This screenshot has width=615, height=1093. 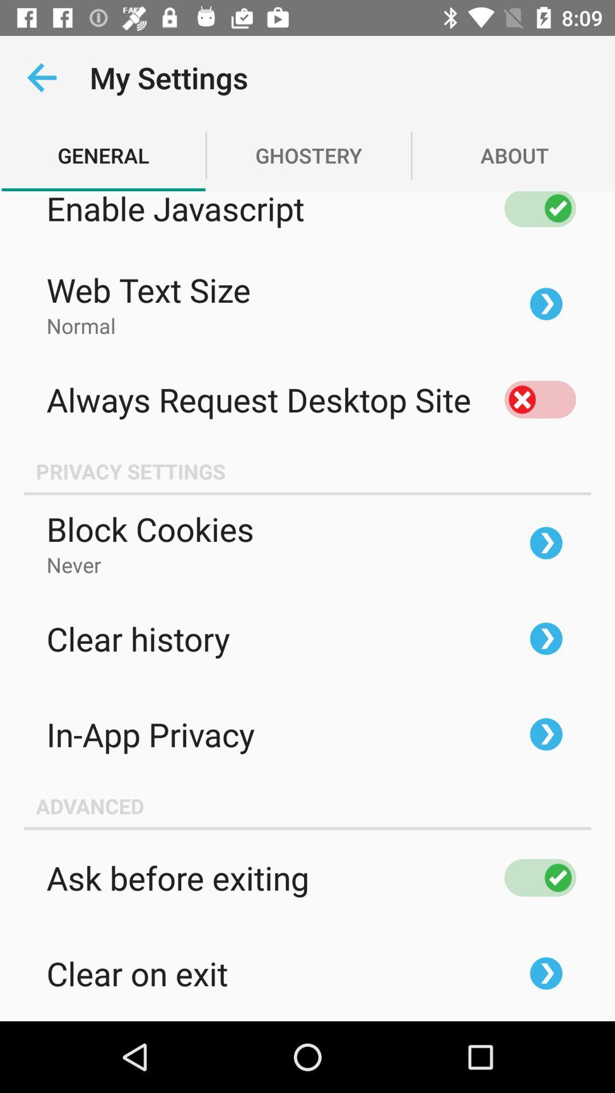 I want to click on item above the general, so click(x=41, y=77).